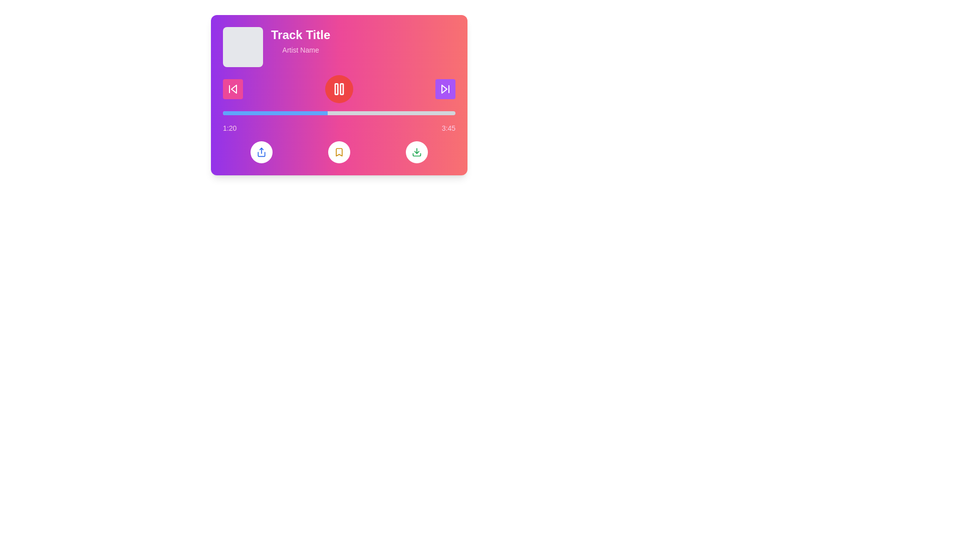  I want to click on the pause button in the audio player control set, so click(339, 88).